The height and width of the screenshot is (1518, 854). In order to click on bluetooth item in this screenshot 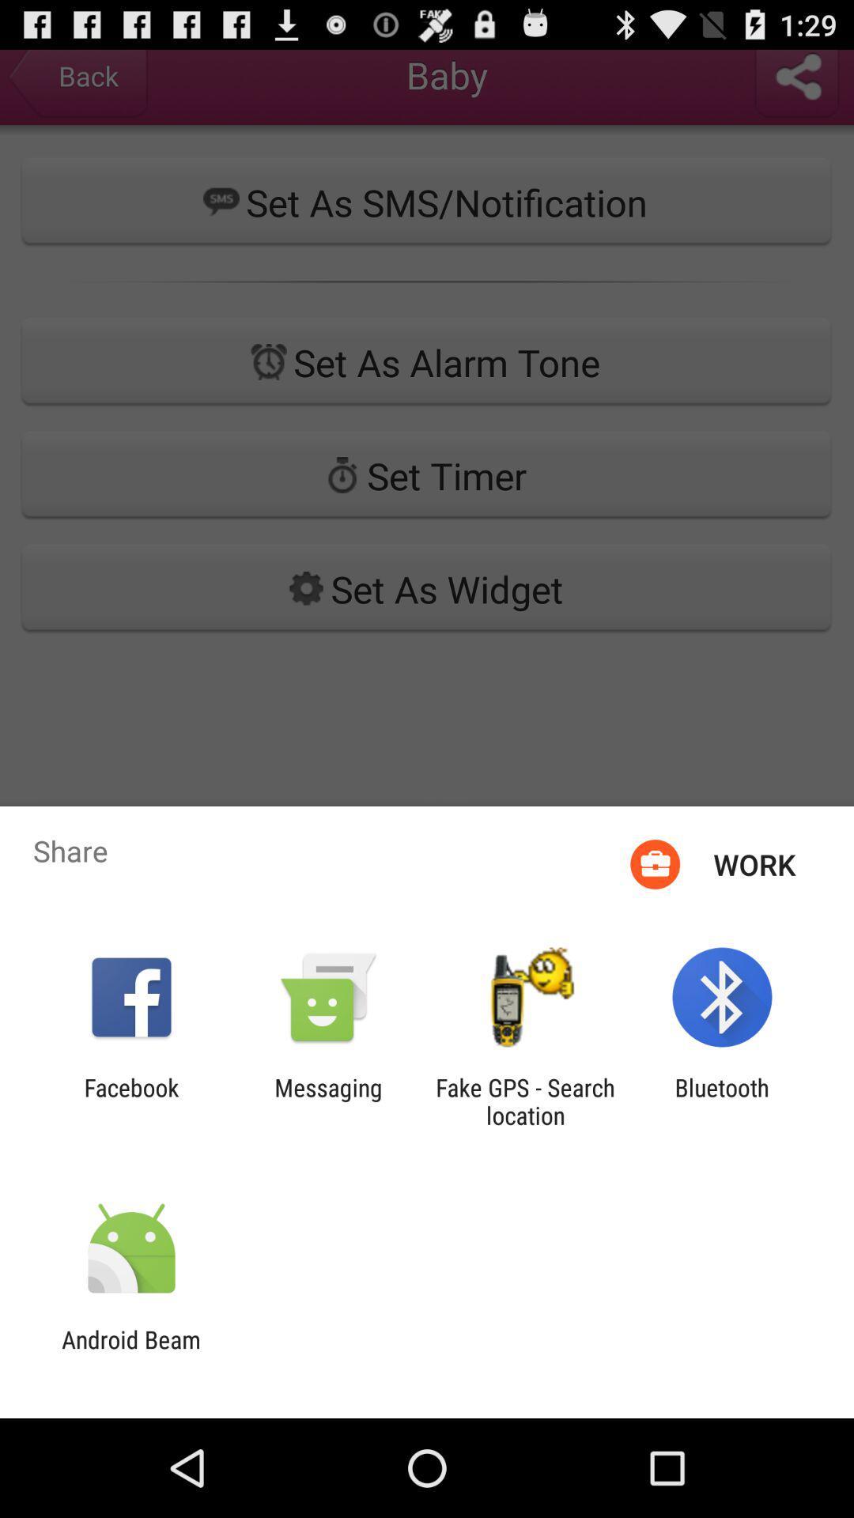, I will do `click(722, 1101)`.